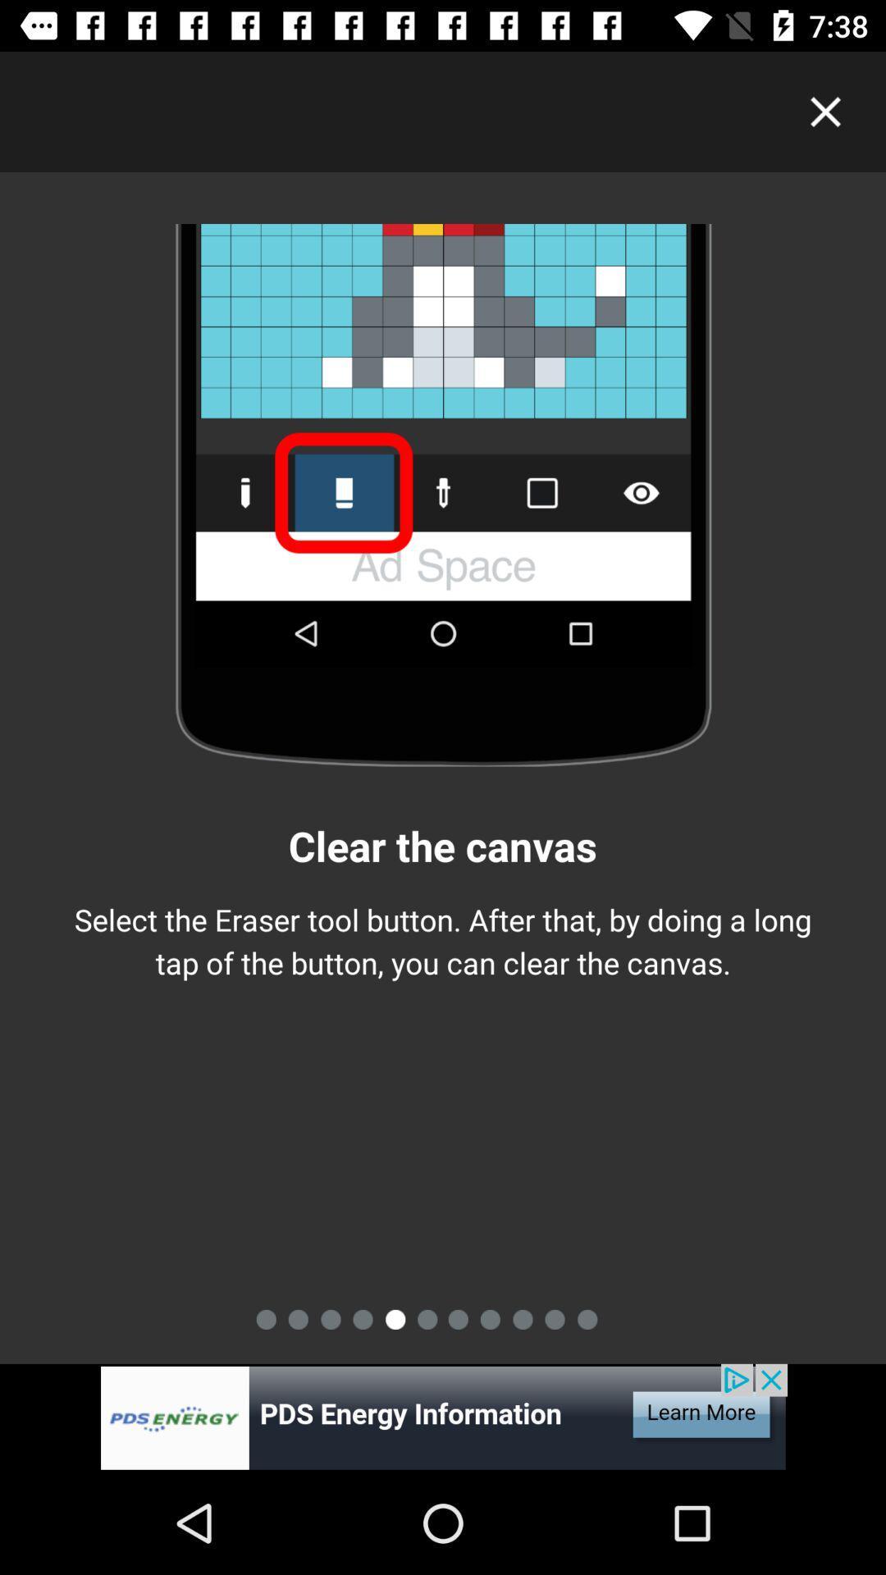 The height and width of the screenshot is (1575, 886). Describe the element at coordinates (825, 111) in the screenshot. I see `the close` at that location.